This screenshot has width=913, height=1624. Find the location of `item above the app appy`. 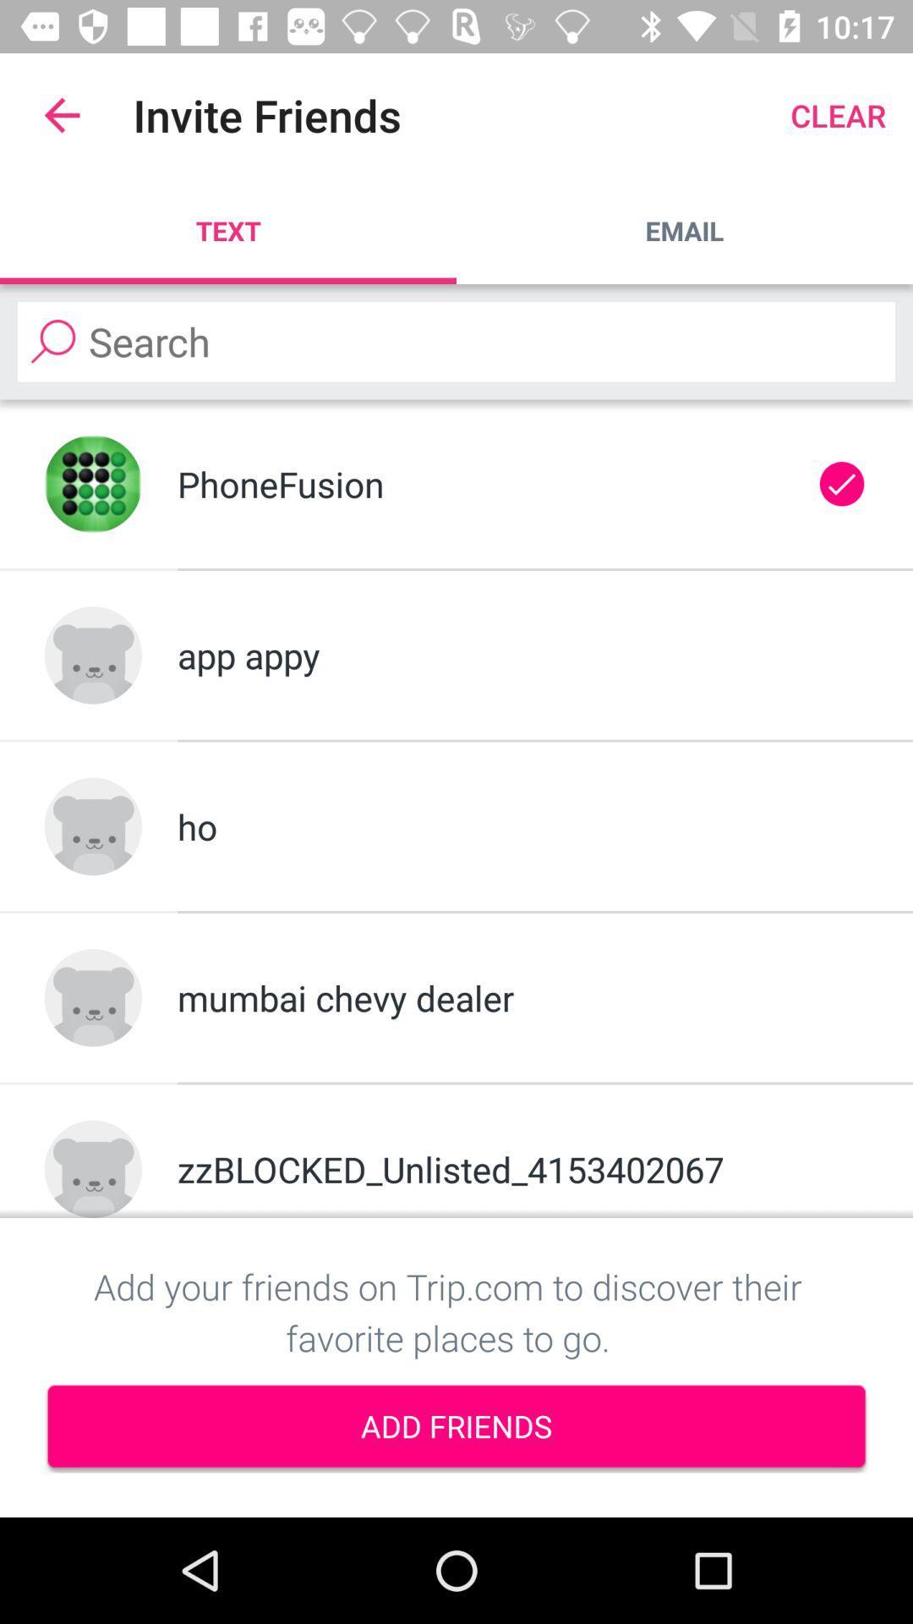

item above the app appy is located at coordinates (485, 483).